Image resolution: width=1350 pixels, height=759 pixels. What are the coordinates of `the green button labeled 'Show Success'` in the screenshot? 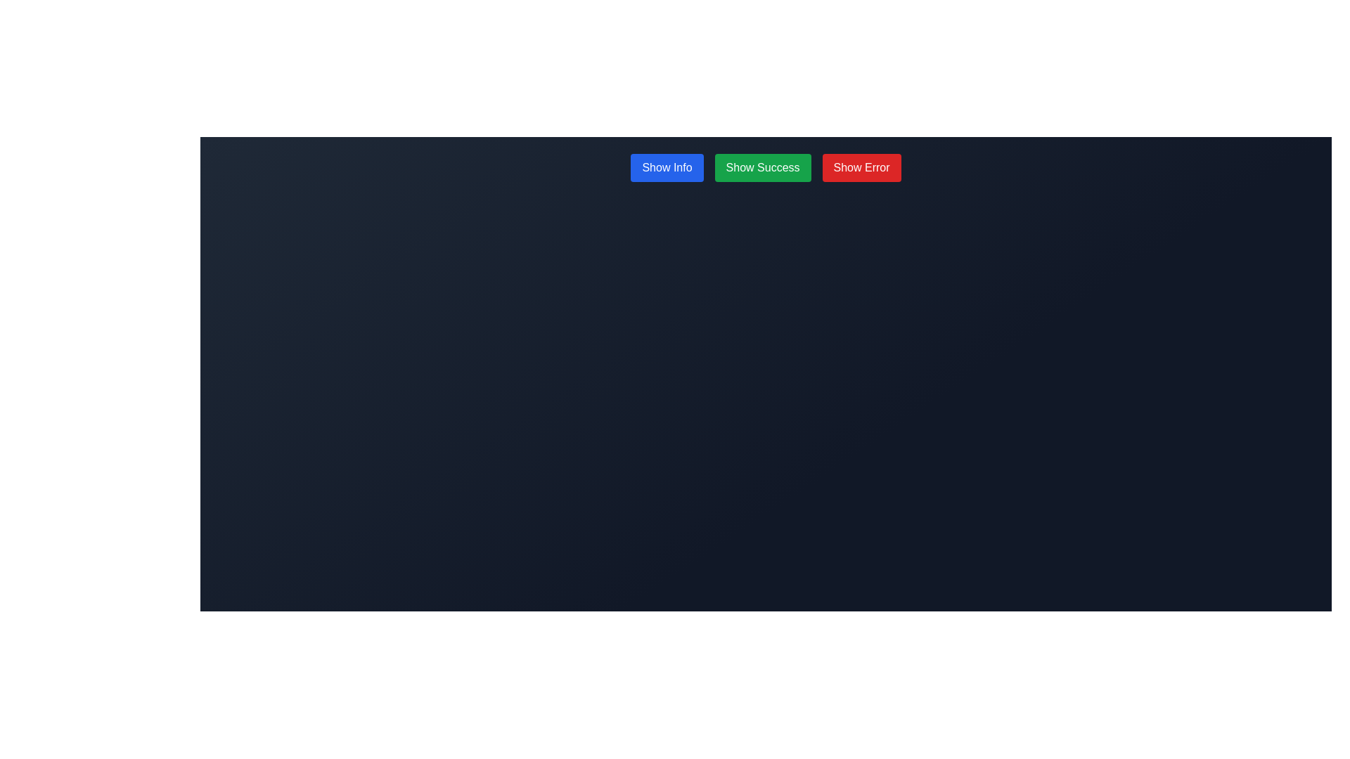 It's located at (761, 167).